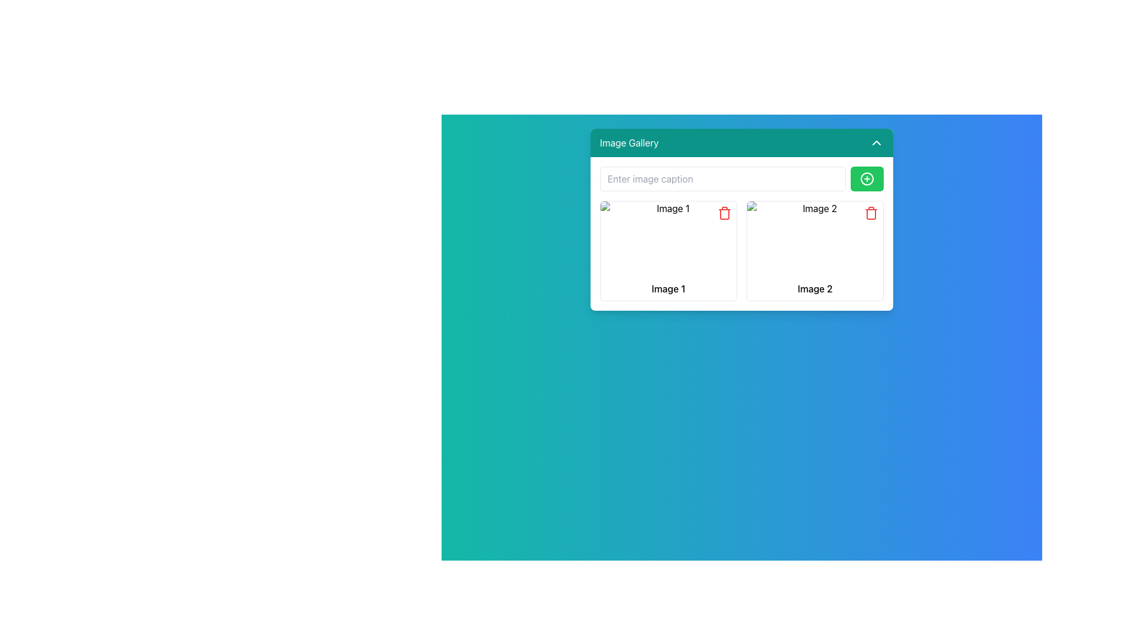 The height and width of the screenshot is (638, 1135). I want to click on the Decorative SVG Circle in the button located at the top-right corner of the 'Image Gallery' card interface, so click(867, 179).